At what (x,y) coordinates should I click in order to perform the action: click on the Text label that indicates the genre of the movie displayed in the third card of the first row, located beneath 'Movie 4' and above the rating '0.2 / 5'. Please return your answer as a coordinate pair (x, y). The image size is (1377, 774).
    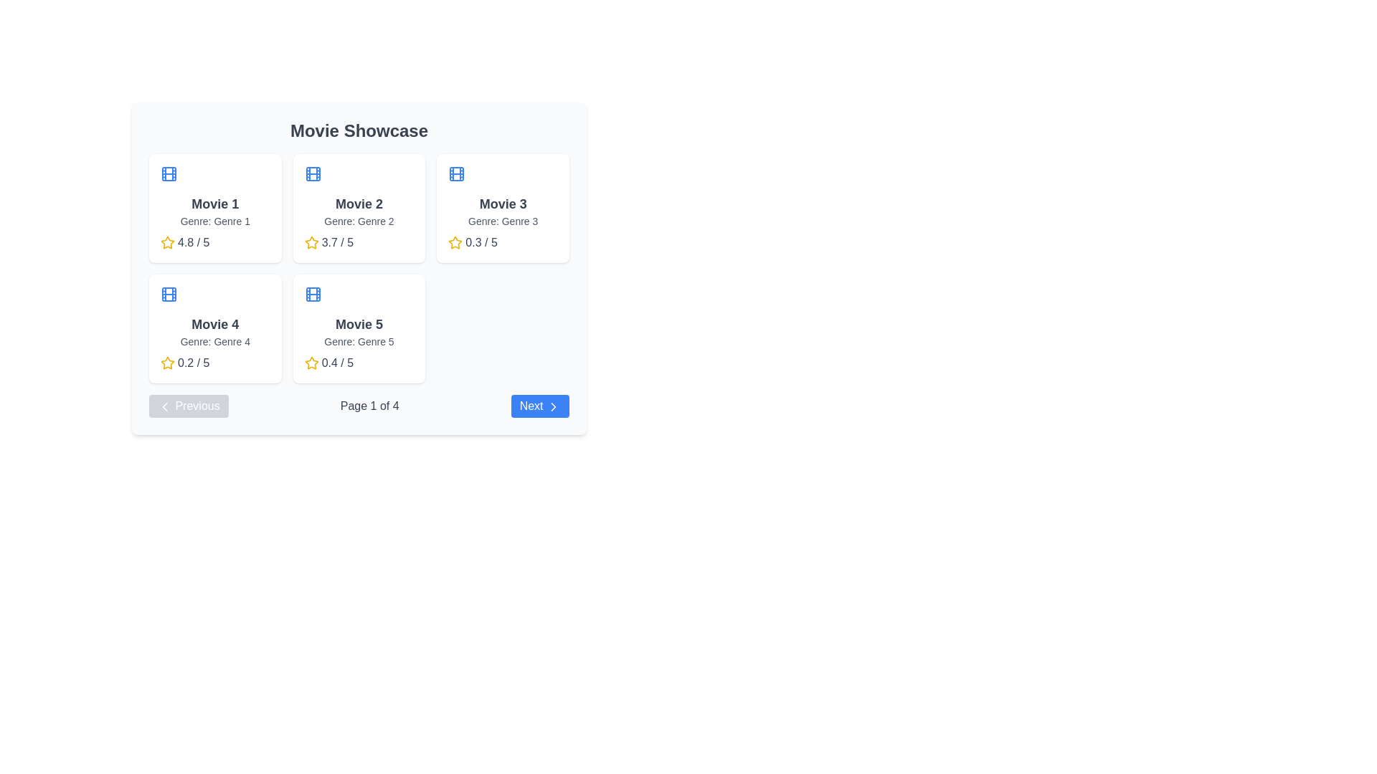
    Looking at the image, I should click on (214, 342).